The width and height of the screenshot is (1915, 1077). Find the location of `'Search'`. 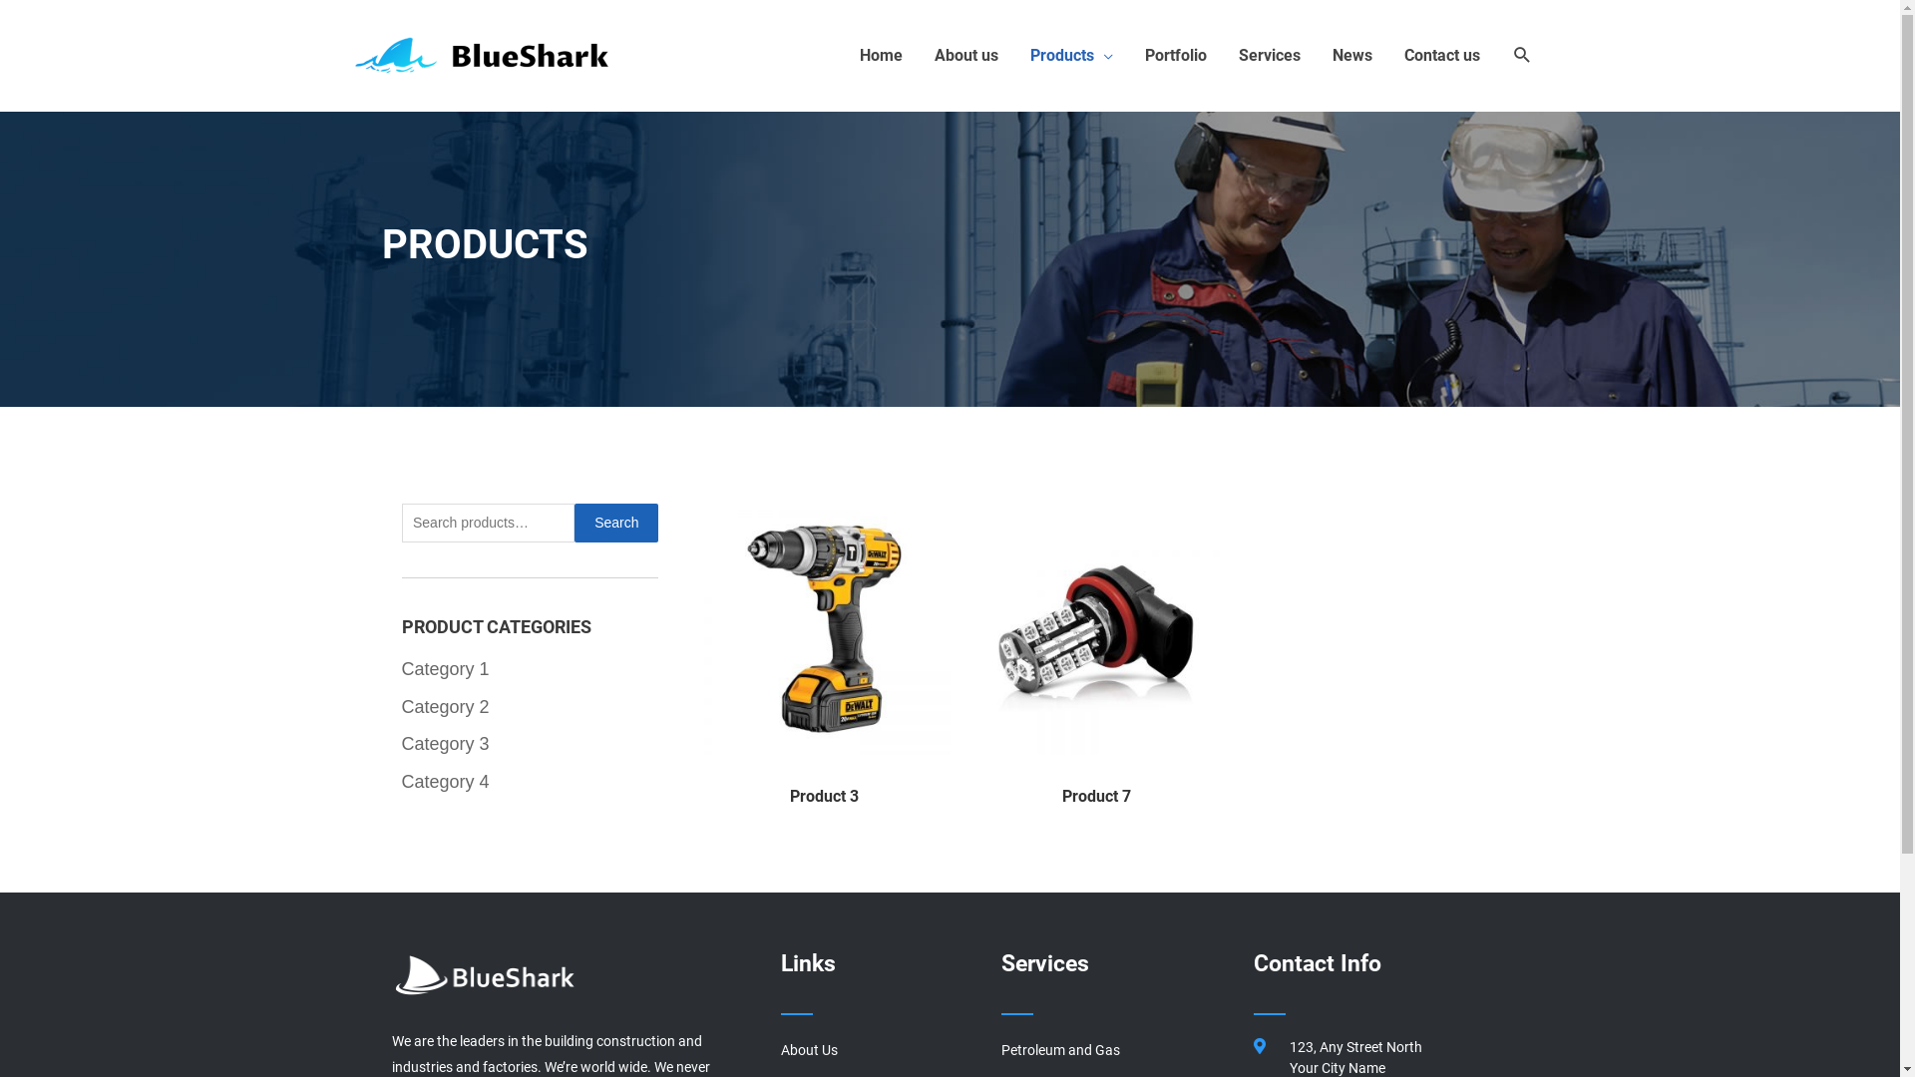

'Search' is located at coordinates (615, 522).